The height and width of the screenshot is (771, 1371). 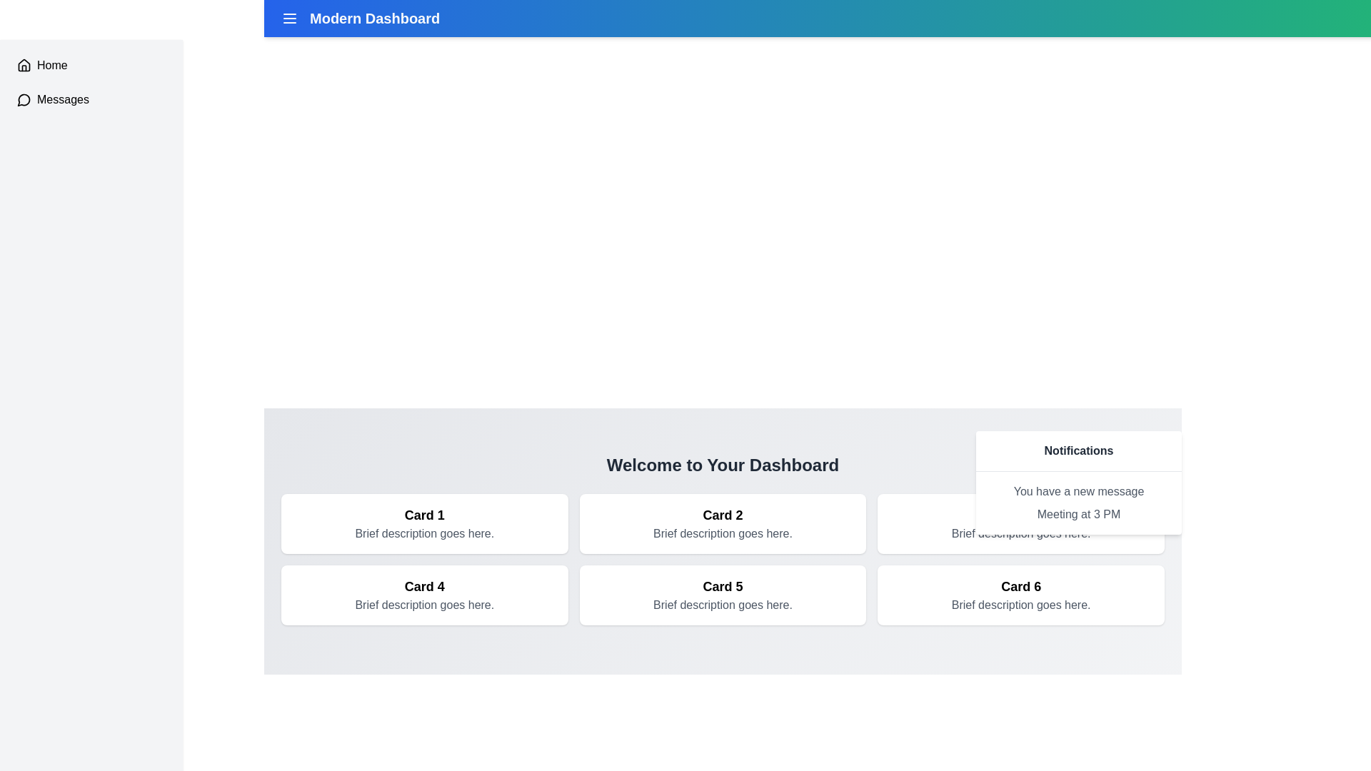 What do you see at coordinates (1079, 482) in the screenshot?
I see `the Notification box located on the right side of the dashboard, which displays alerts and messages to the user` at bounding box center [1079, 482].